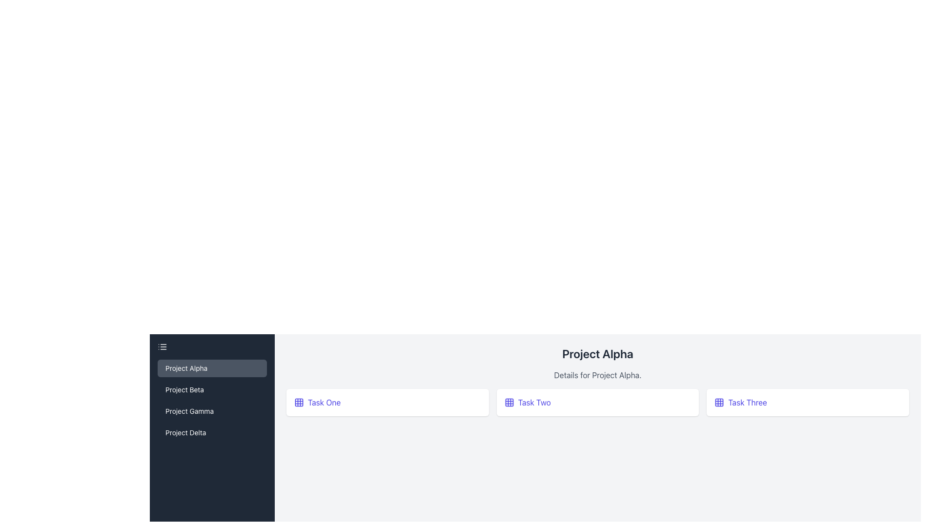 This screenshot has height=527, width=937. Describe the element at coordinates (212, 368) in the screenshot. I see `the 'Project Alpha' navigation link located in the left sidebar menu` at that location.